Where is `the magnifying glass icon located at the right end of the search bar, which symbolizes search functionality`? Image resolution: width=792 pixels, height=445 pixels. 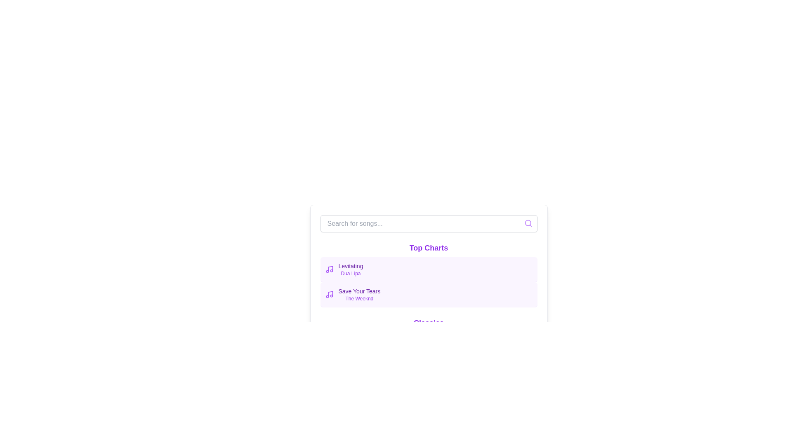
the magnifying glass icon located at the right end of the search bar, which symbolizes search functionality is located at coordinates (527, 223).